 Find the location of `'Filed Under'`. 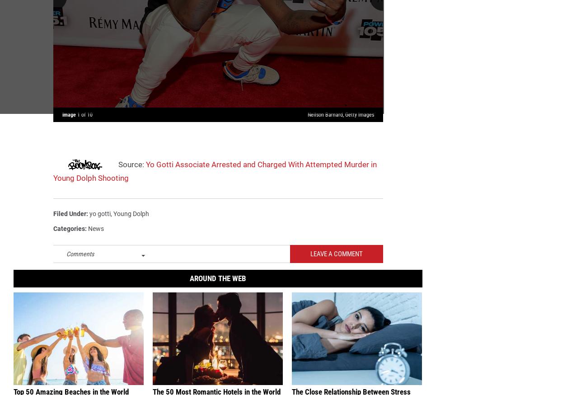

'Filed Under' is located at coordinates (70, 216).